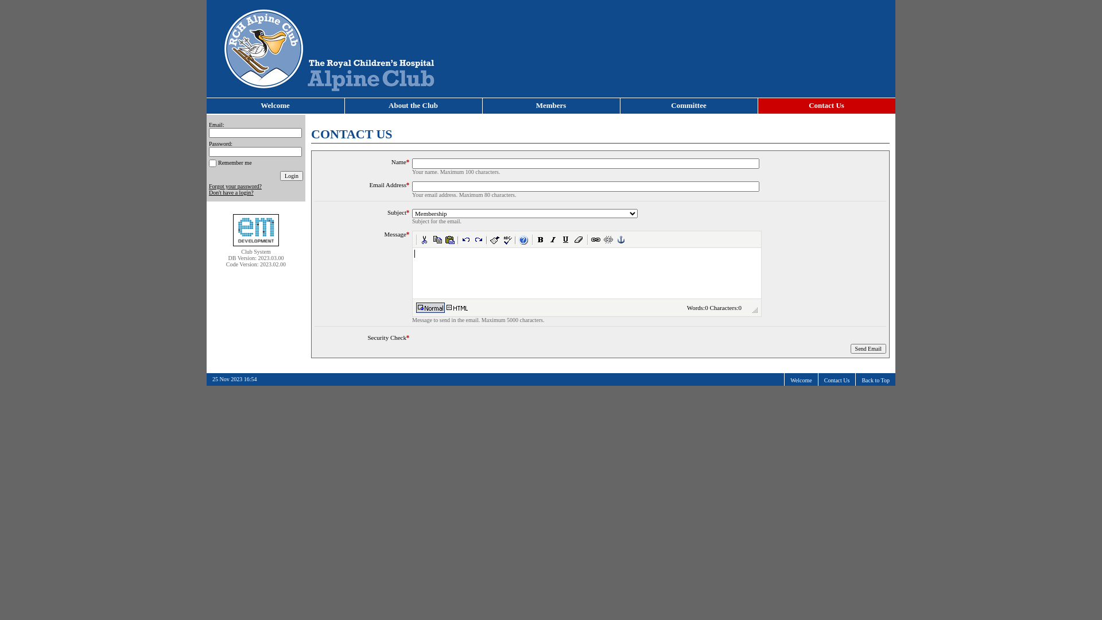 The image size is (1102, 620). What do you see at coordinates (424, 239) in the screenshot?
I see `'Cut'` at bounding box center [424, 239].